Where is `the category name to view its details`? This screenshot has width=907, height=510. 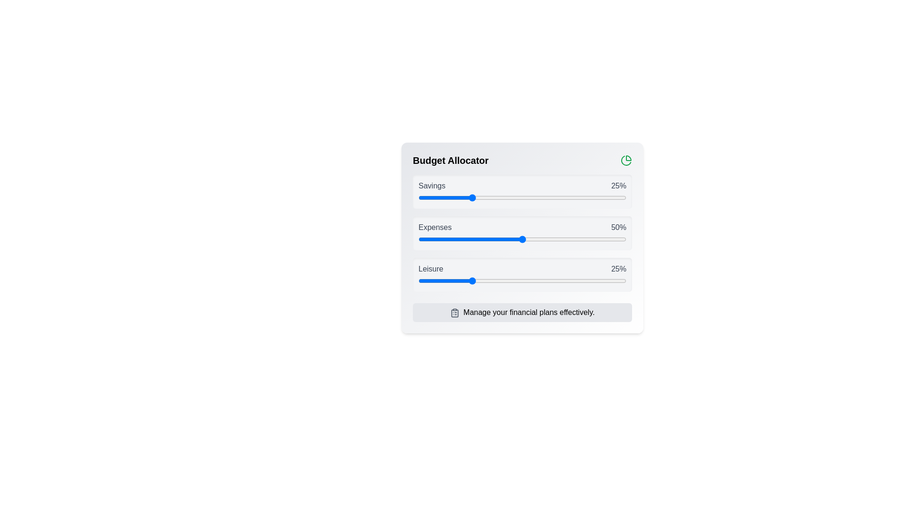
the category name to view its details is located at coordinates (431, 186).